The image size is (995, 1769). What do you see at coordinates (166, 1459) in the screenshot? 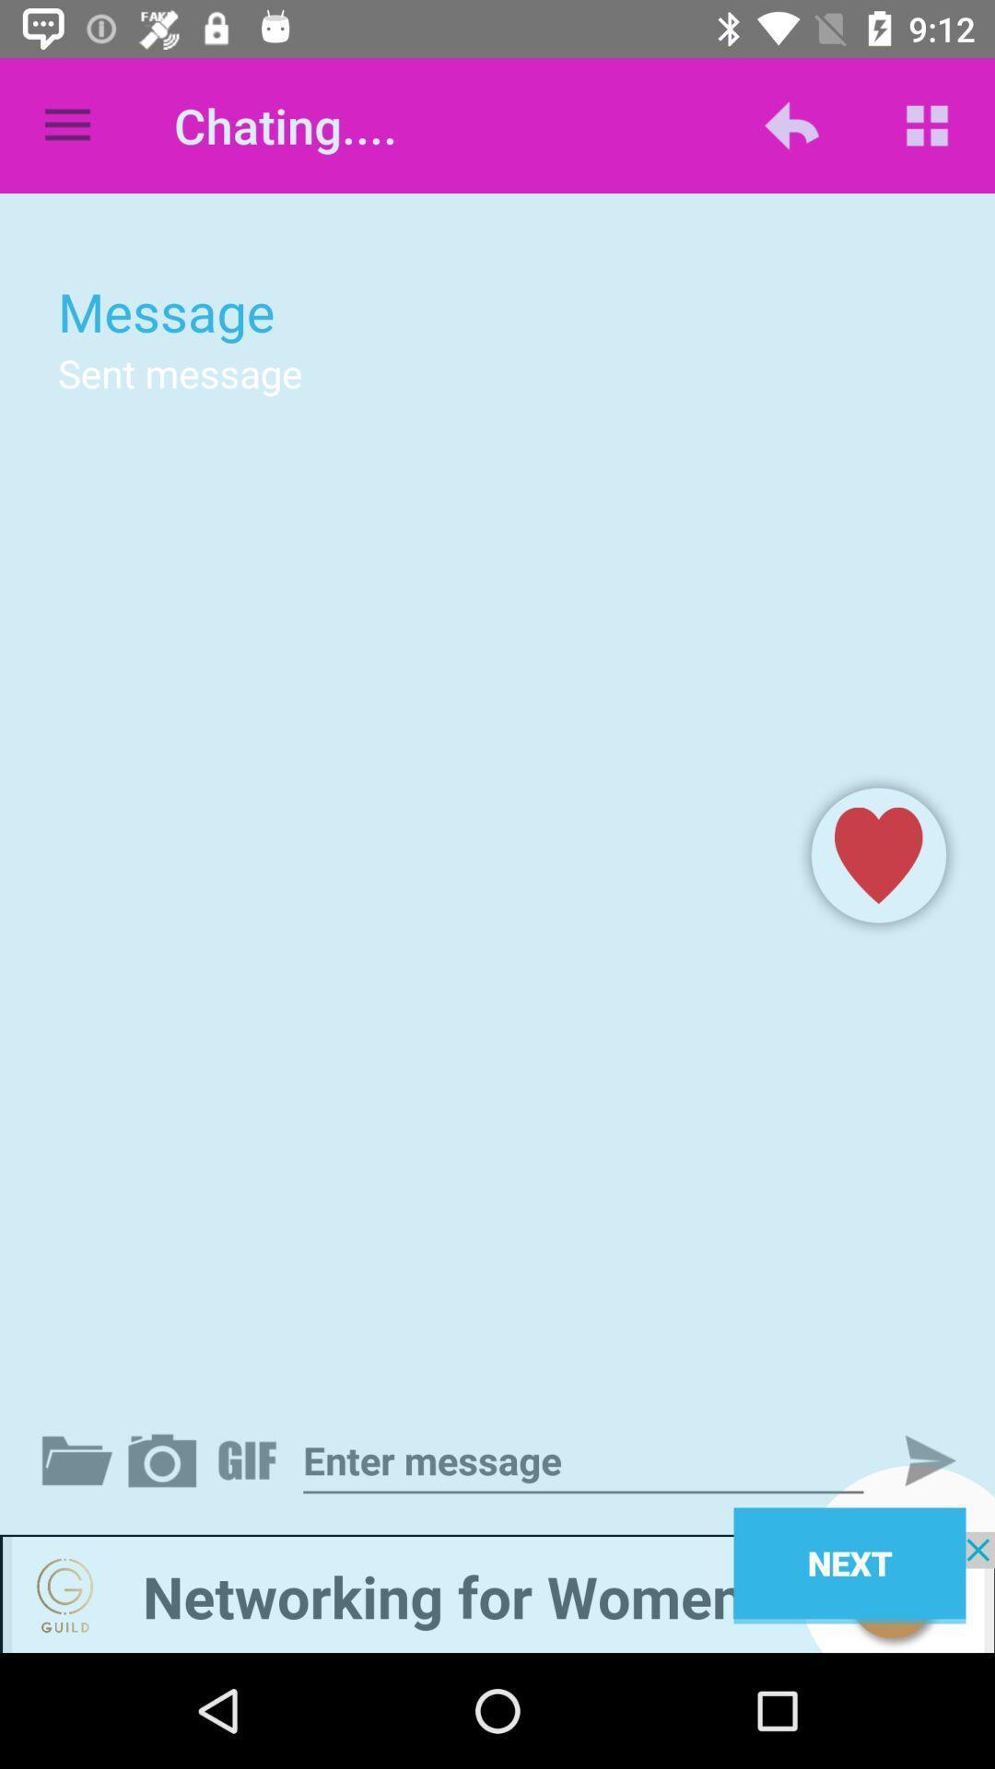
I see `take a picture` at bounding box center [166, 1459].